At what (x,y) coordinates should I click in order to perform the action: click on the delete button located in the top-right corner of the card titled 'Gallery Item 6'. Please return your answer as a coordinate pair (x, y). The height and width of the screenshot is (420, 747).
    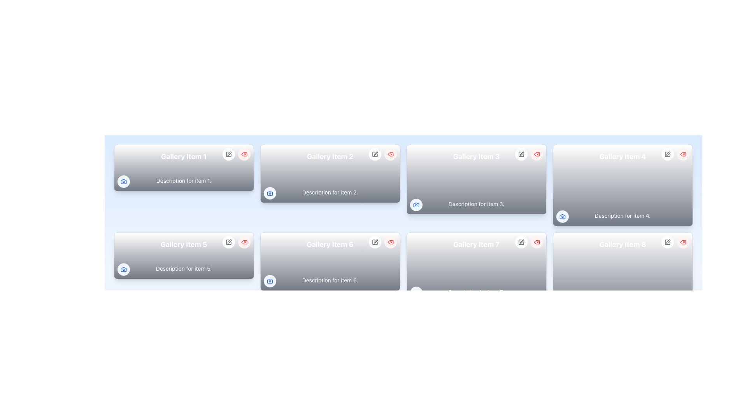
    Looking at the image, I should click on (390, 330).